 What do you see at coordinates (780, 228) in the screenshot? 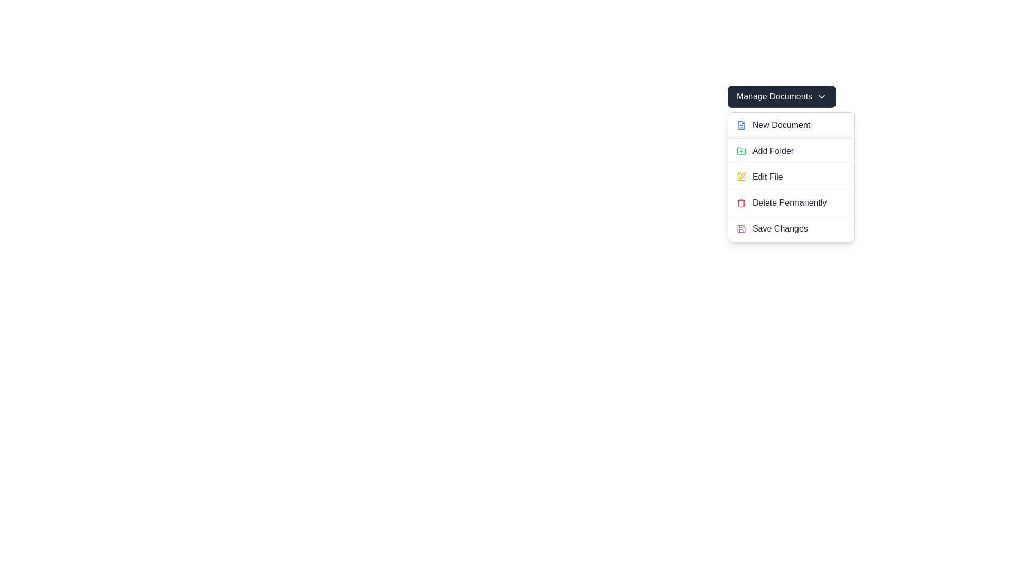
I see `the 'Save Changes' text label, which is styled in light gray and positioned as the last item in a vertical list, following a purple diskette icon` at bounding box center [780, 228].